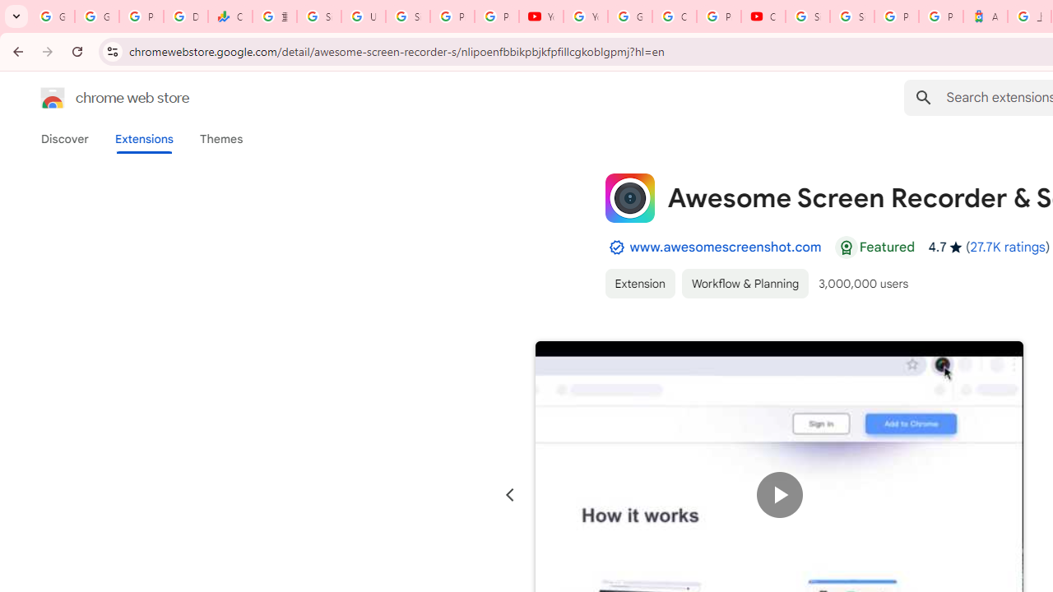  What do you see at coordinates (763, 16) in the screenshot?
I see `'Content Creator Programs & Opportunities - YouTube Creators'` at bounding box center [763, 16].